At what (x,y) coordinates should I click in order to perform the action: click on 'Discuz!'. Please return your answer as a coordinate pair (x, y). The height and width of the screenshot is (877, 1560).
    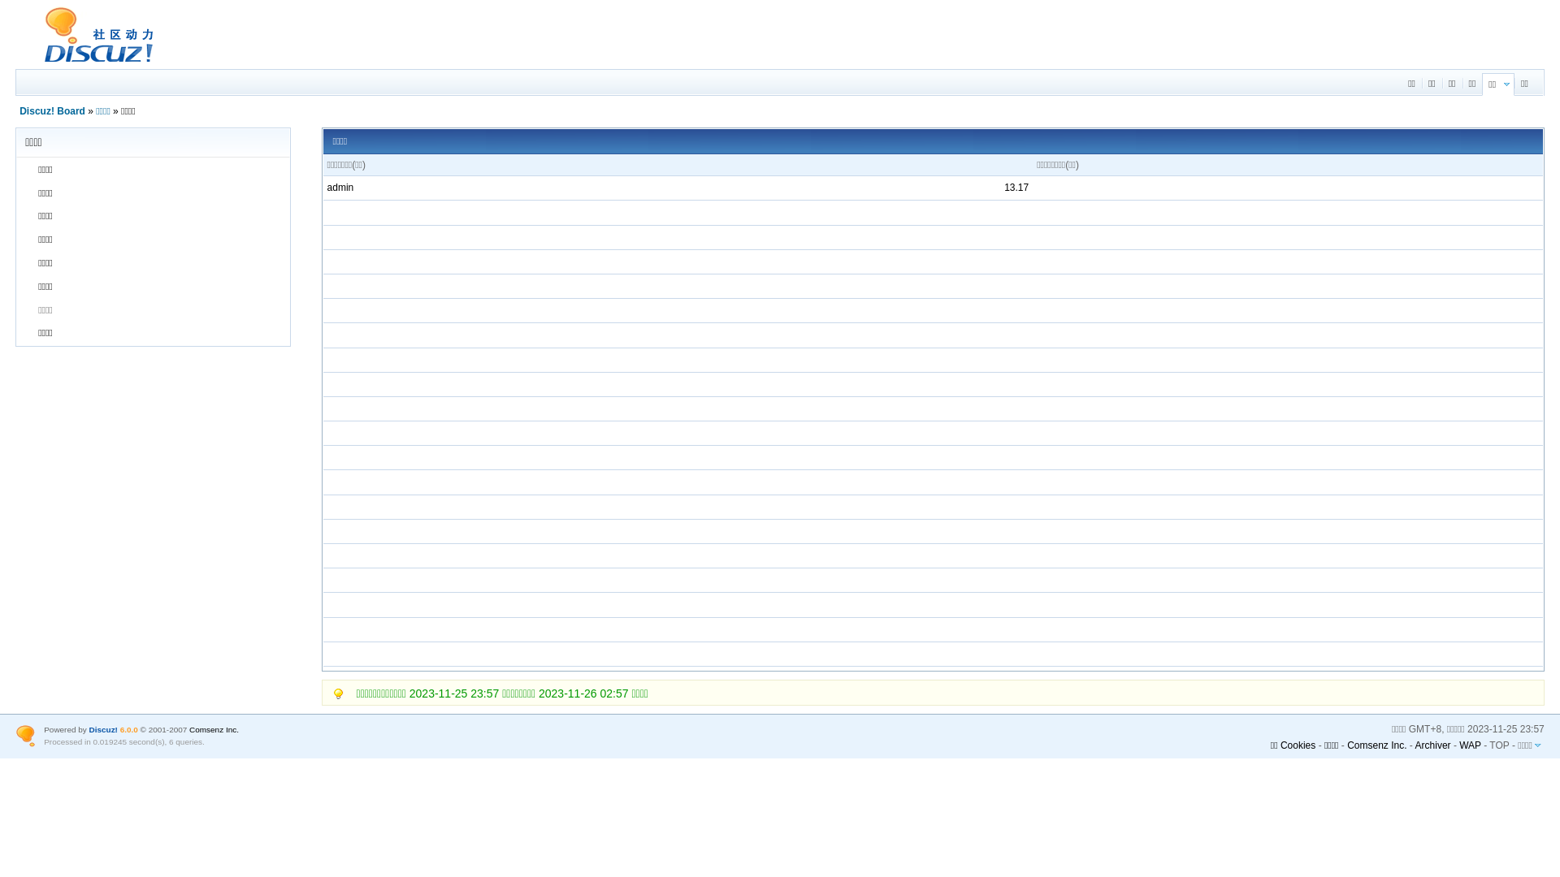
    Looking at the image, I should click on (102, 728).